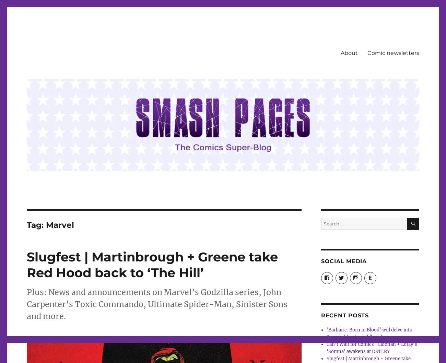 The width and height of the screenshot is (446, 363). I want to click on 'Marvel', so click(60, 224).